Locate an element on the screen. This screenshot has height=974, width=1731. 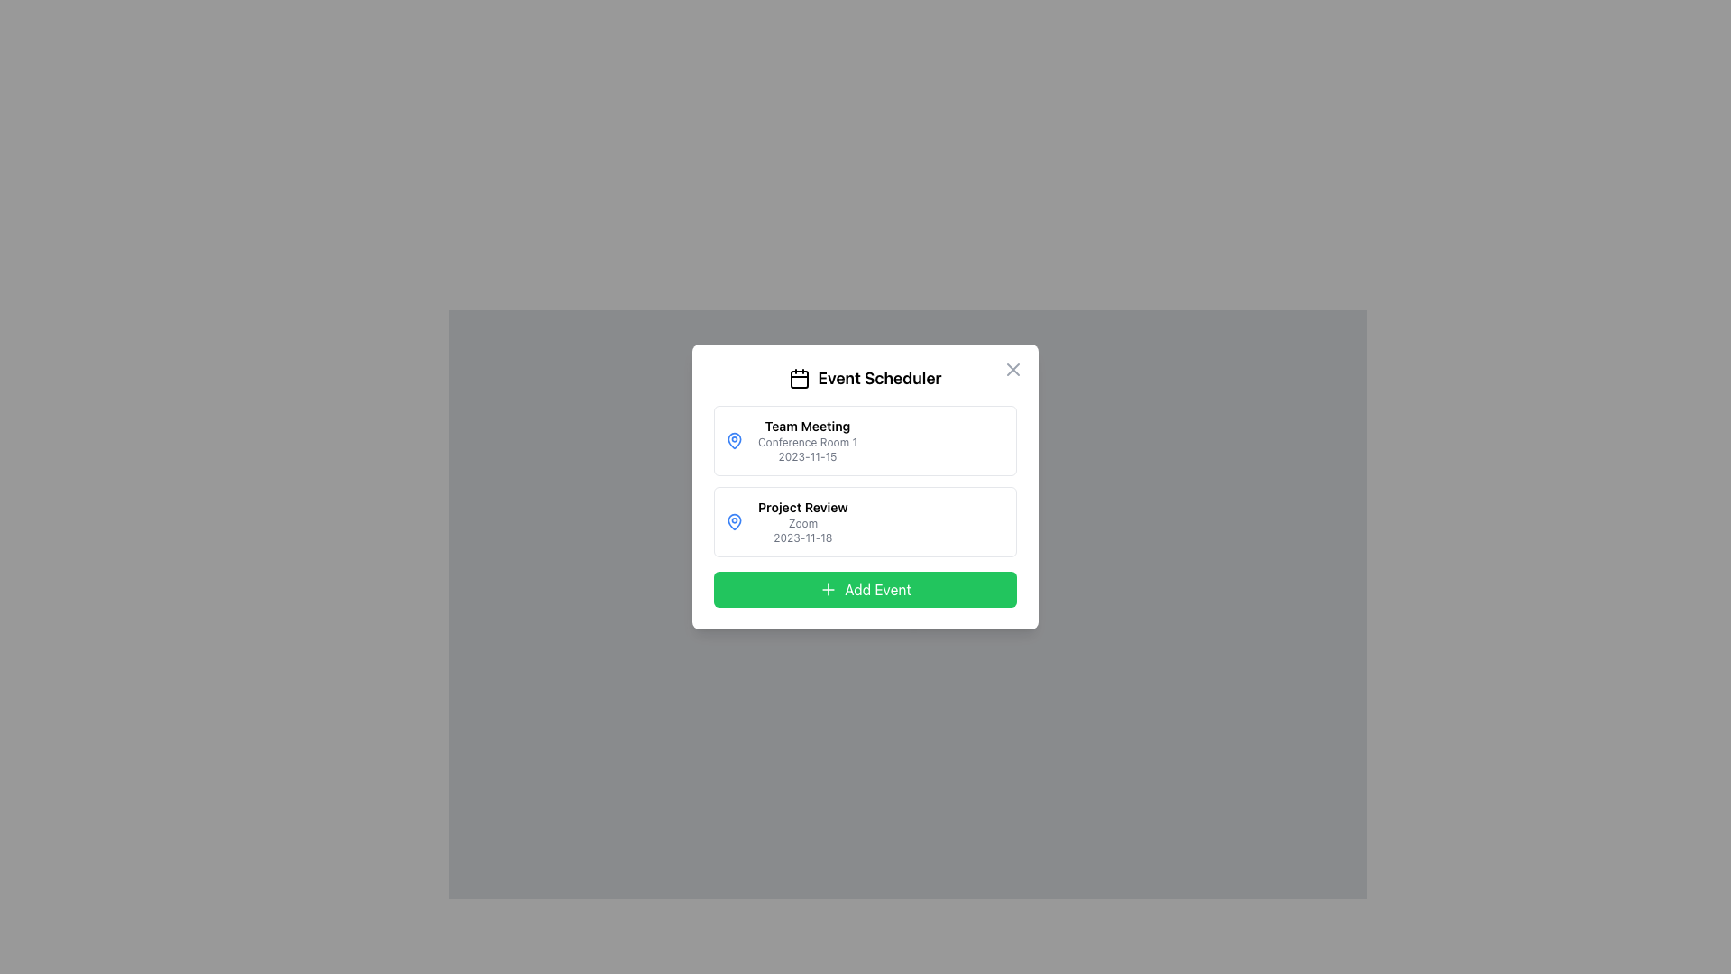
text content of the 'Team Meeting' label which is displayed in bold at the top of the event detail box in the event scheduler interface is located at coordinates (807, 427).